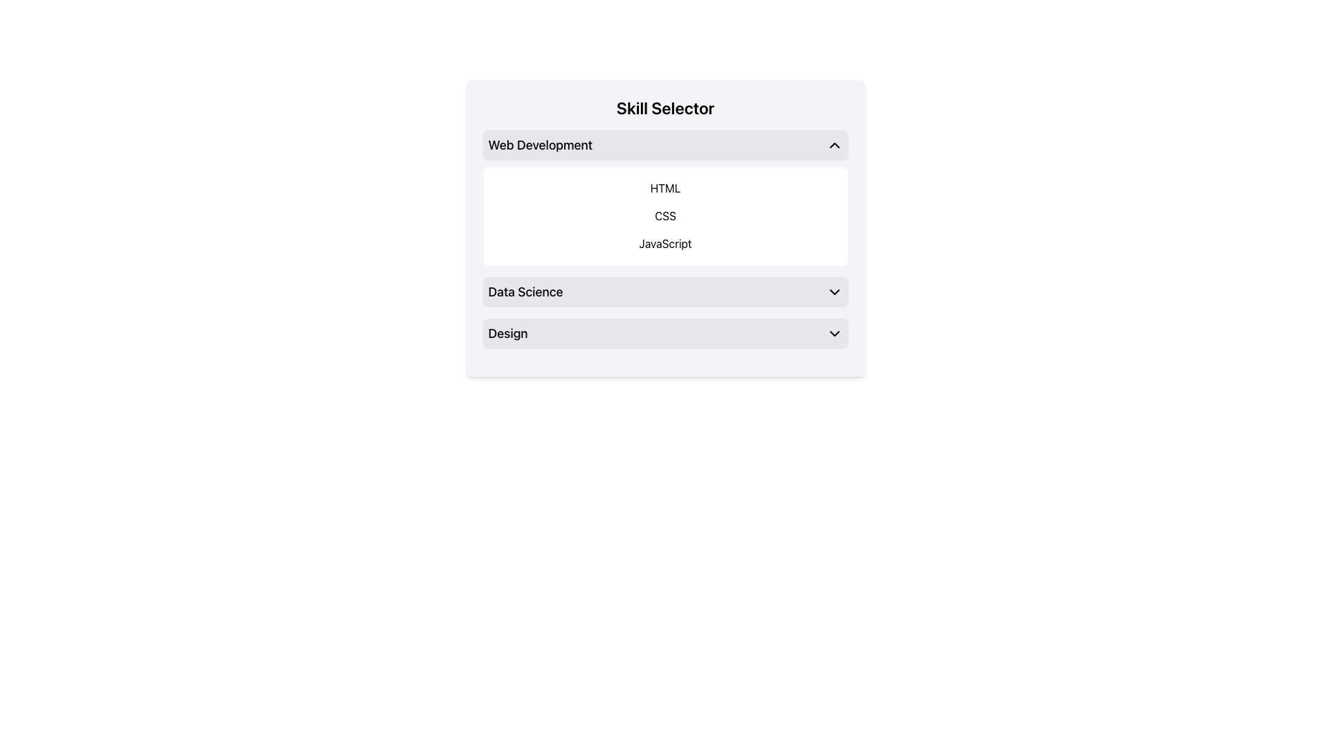 The height and width of the screenshot is (748, 1329). What do you see at coordinates (665, 228) in the screenshot?
I see `the dropdown selector titled 'Skill Selector'` at bounding box center [665, 228].